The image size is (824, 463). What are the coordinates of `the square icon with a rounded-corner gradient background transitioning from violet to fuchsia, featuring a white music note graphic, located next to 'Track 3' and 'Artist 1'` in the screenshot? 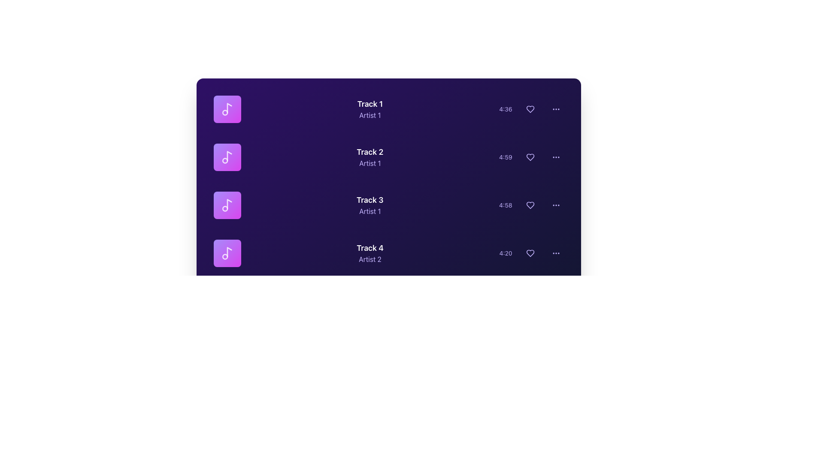 It's located at (227, 205).